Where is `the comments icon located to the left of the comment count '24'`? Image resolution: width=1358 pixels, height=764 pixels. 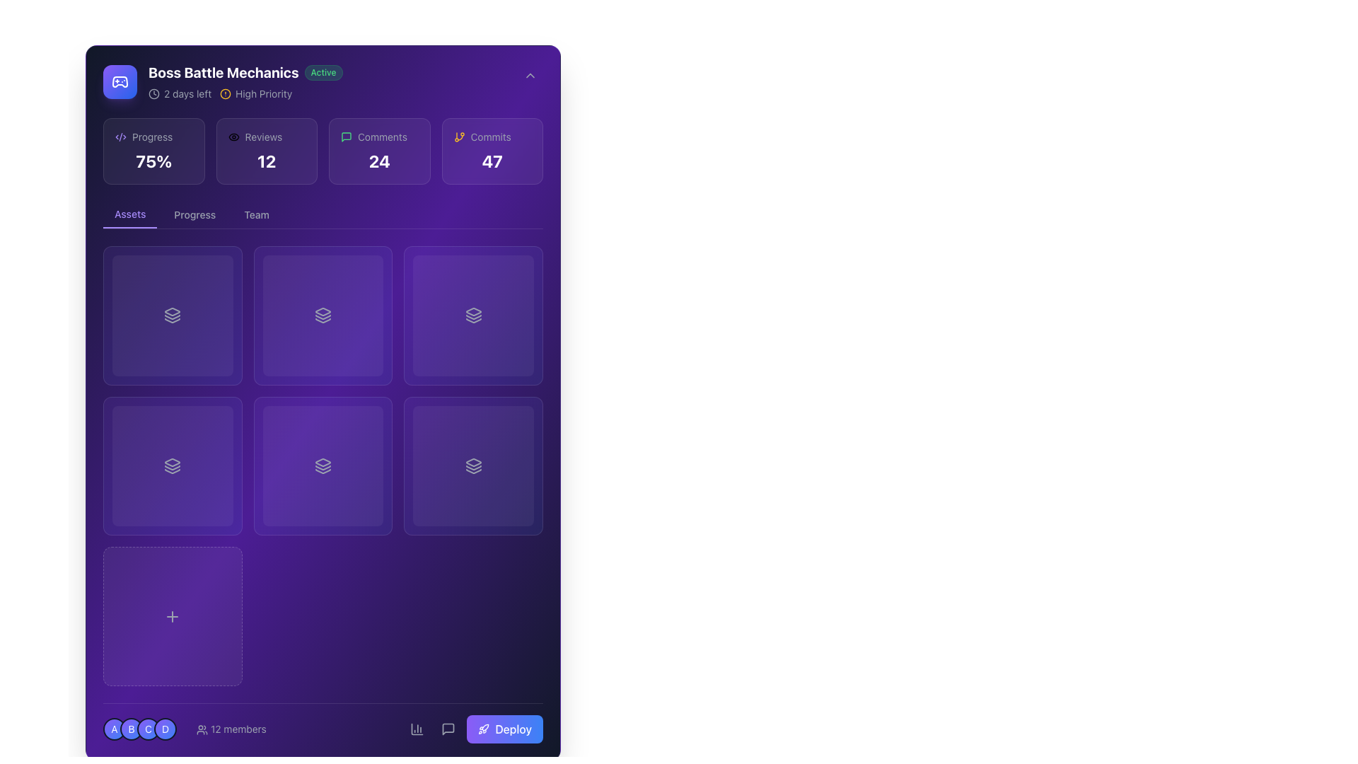 the comments icon located to the left of the comment count '24' is located at coordinates (346, 137).